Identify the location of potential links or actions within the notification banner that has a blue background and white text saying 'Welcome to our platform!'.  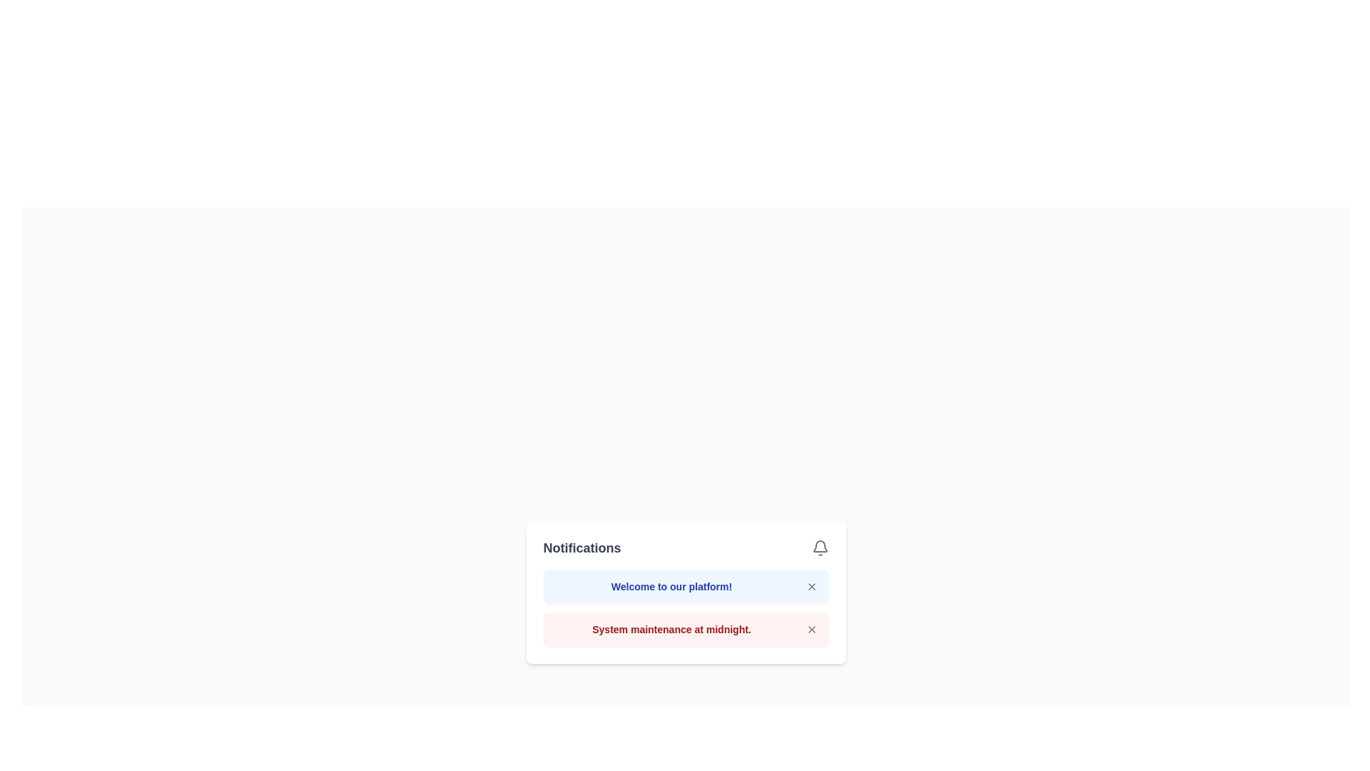
(686, 586).